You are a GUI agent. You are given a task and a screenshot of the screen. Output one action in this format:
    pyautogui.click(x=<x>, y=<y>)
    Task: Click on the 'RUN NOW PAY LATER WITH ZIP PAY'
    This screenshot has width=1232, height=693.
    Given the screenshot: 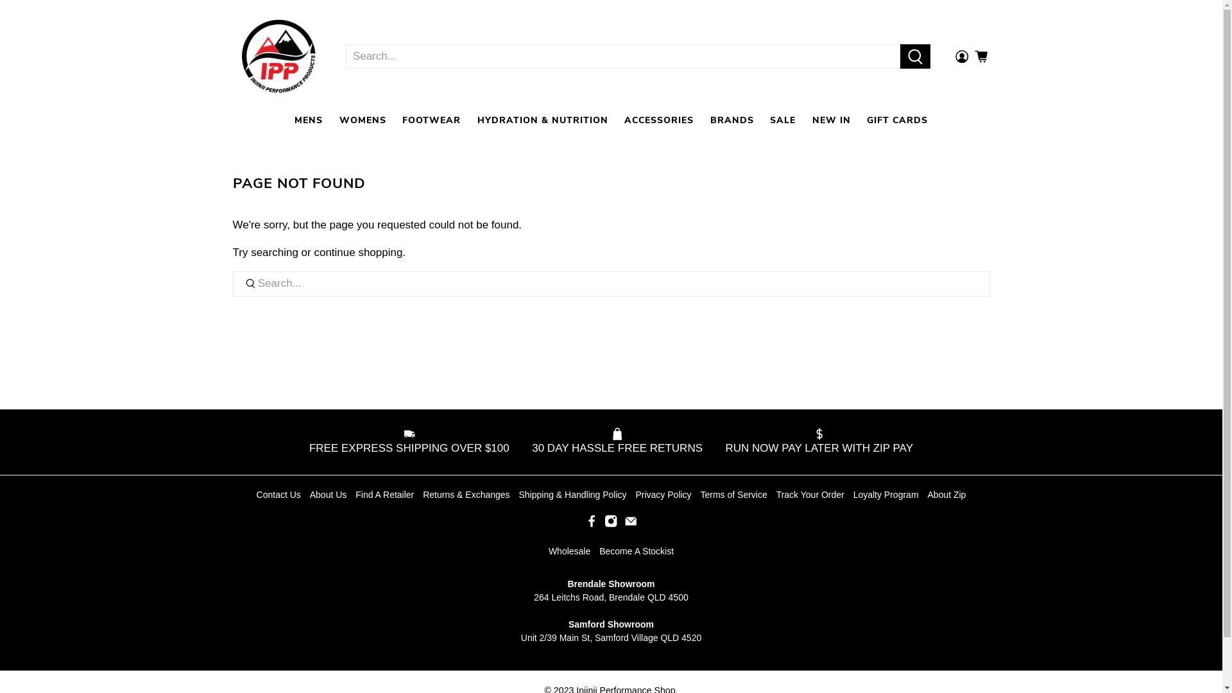 What is the action you would take?
    pyautogui.click(x=814, y=441)
    